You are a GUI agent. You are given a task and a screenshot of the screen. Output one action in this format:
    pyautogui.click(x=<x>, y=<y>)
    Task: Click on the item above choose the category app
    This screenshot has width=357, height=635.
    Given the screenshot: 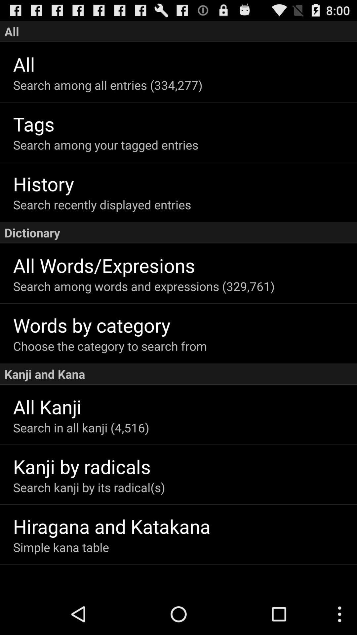 What is the action you would take?
    pyautogui.click(x=185, y=325)
    